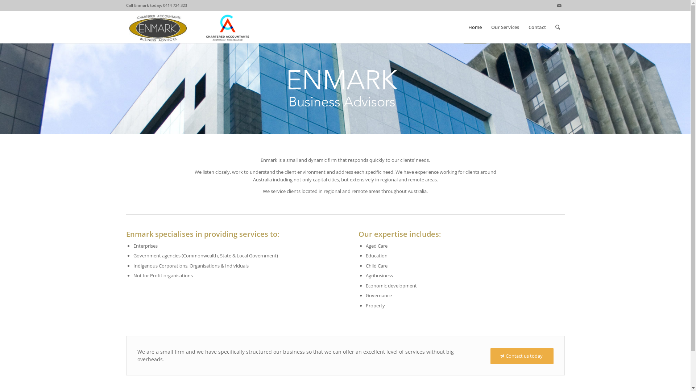 The width and height of the screenshot is (696, 391). What do you see at coordinates (486, 26) in the screenshot?
I see `'Our Services'` at bounding box center [486, 26].